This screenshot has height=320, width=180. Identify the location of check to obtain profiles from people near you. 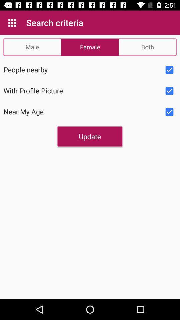
(169, 70).